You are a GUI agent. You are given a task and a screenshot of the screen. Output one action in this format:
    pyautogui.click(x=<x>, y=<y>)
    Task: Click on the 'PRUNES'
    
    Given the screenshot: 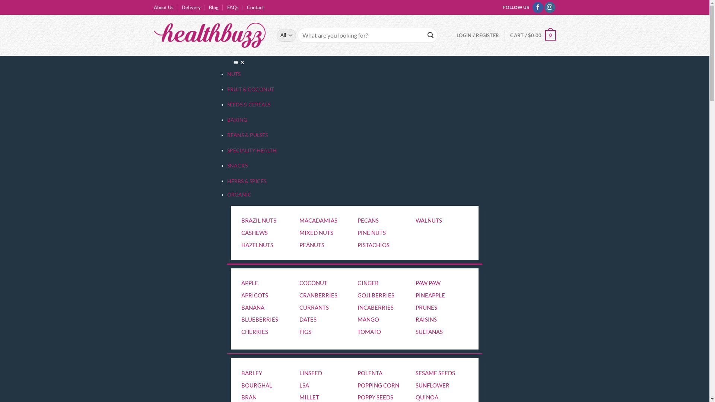 What is the action you would take?
    pyautogui.click(x=426, y=307)
    